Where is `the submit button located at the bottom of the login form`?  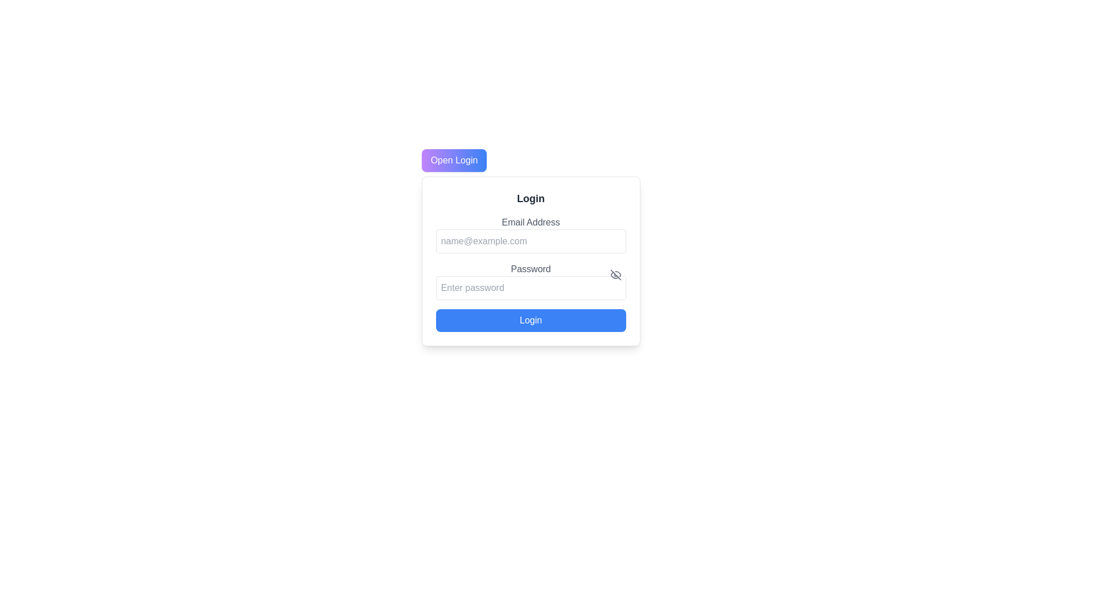
the submit button located at the bottom of the login form is located at coordinates (530, 321).